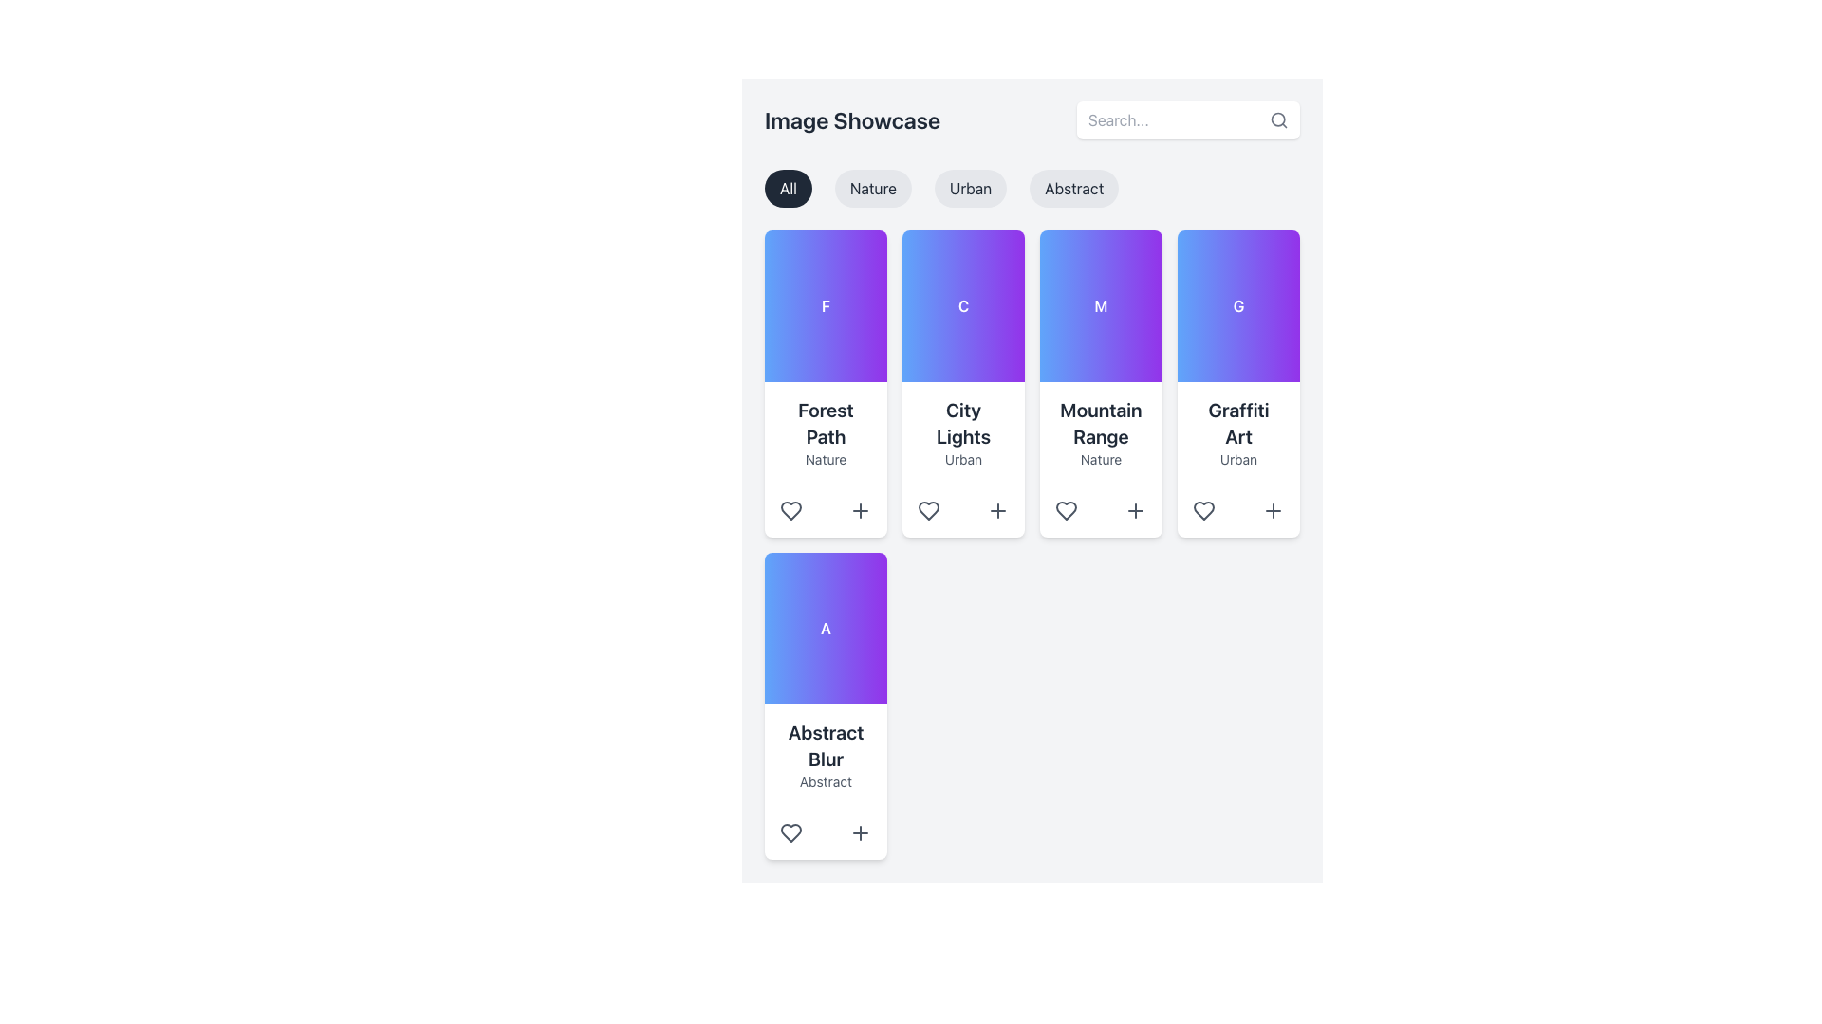 The width and height of the screenshot is (1822, 1024). What do you see at coordinates (1066, 510) in the screenshot?
I see `the heart-shaped IconButton located at the bottom-left corner of the third card in the first row to mark it as favorite or unfavorite` at bounding box center [1066, 510].